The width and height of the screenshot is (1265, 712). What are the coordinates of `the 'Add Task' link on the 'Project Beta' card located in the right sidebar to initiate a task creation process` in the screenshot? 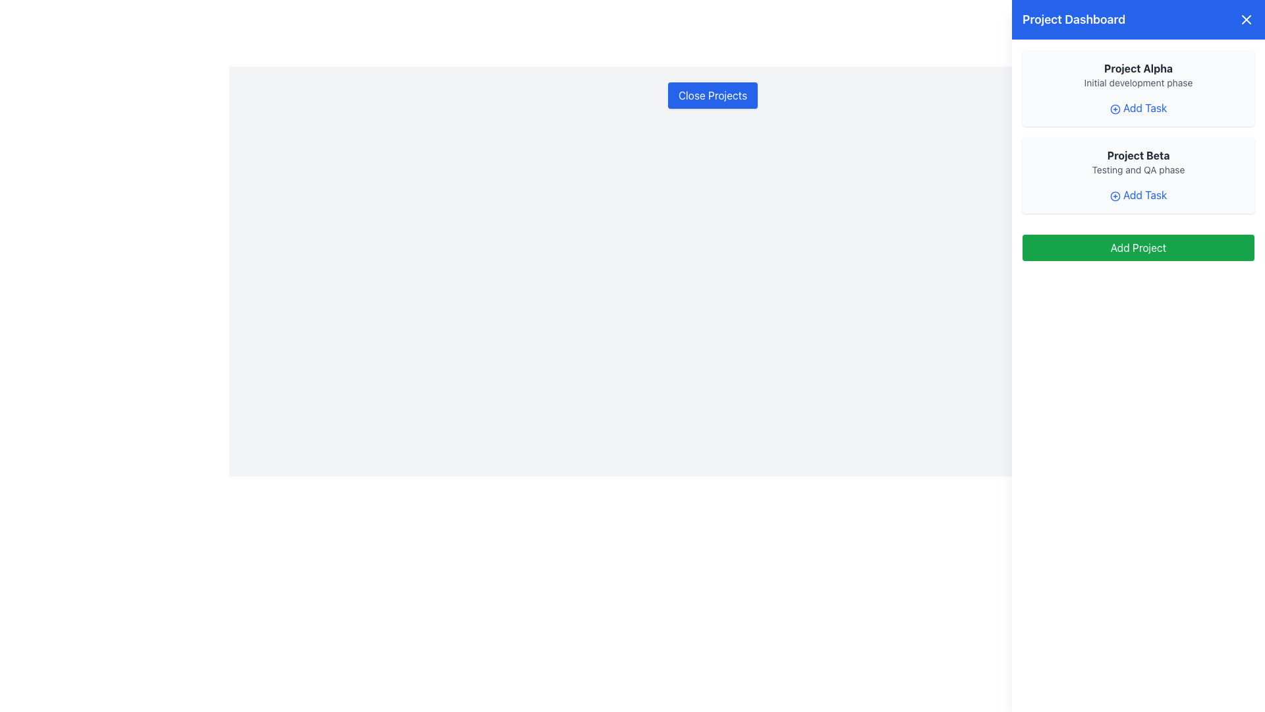 It's located at (1138, 175).